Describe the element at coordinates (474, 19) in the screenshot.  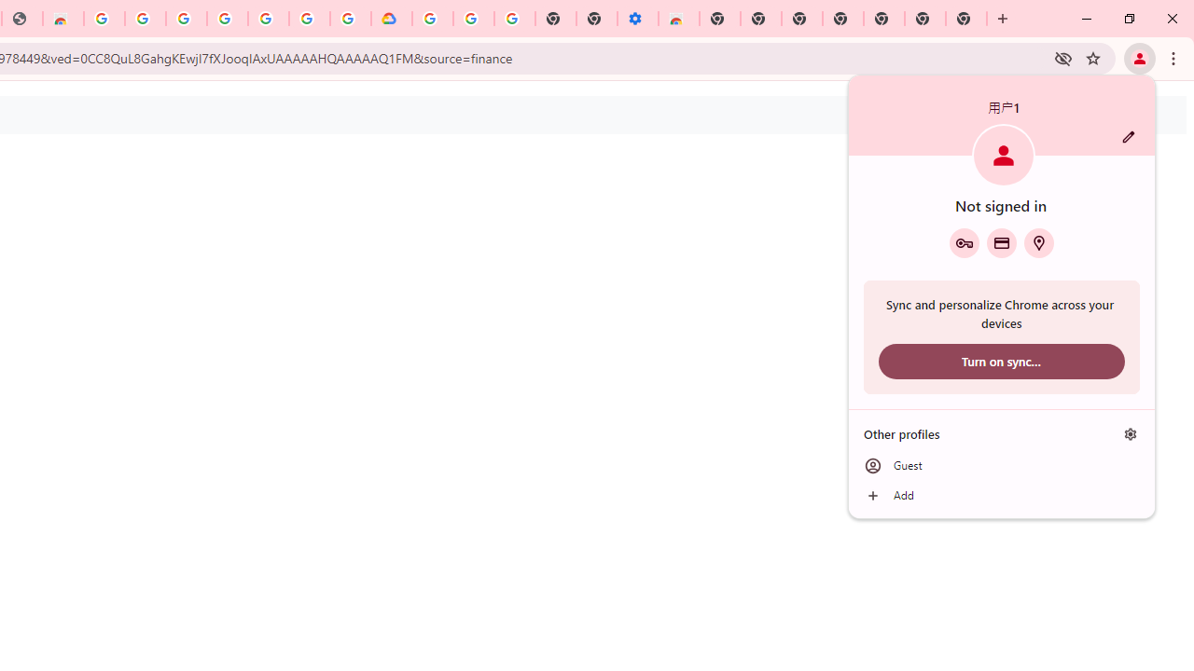
I see `'Google Account Help'` at that location.